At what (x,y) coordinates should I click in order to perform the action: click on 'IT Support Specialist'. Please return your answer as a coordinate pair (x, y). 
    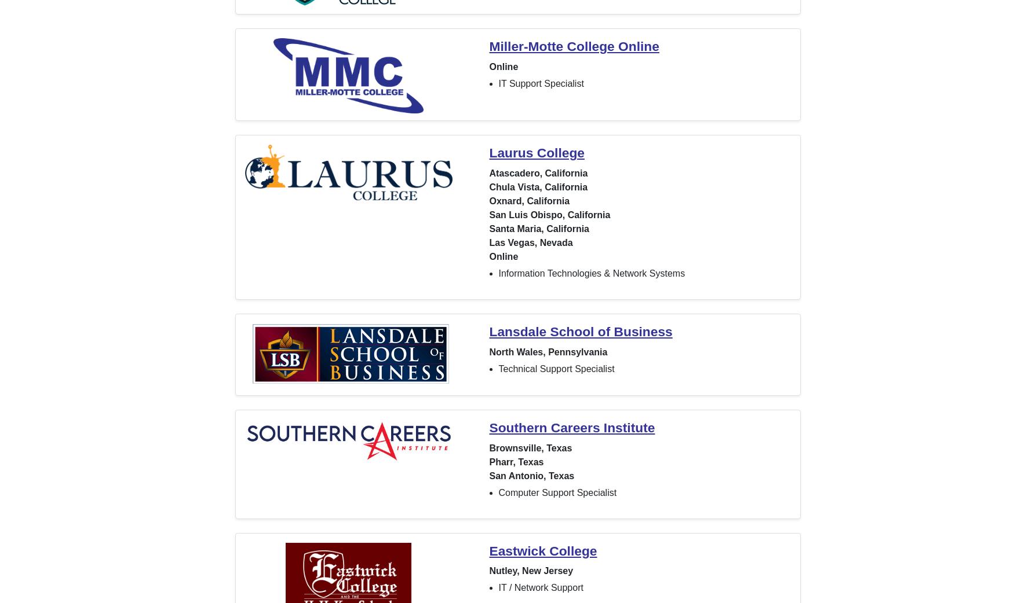
    Looking at the image, I should click on (541, 83).